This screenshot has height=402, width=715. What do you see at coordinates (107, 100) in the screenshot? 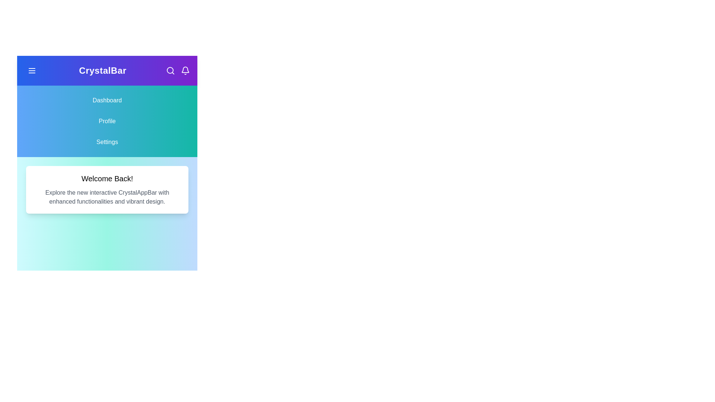
I see `the Dashboard navigation item to navigate to the corresponding section` at bounding box center [107, 100].